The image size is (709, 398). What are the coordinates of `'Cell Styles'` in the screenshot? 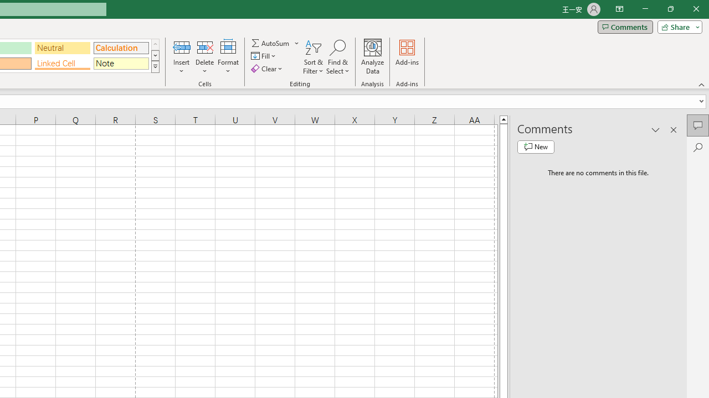 It's located at (155, 66).